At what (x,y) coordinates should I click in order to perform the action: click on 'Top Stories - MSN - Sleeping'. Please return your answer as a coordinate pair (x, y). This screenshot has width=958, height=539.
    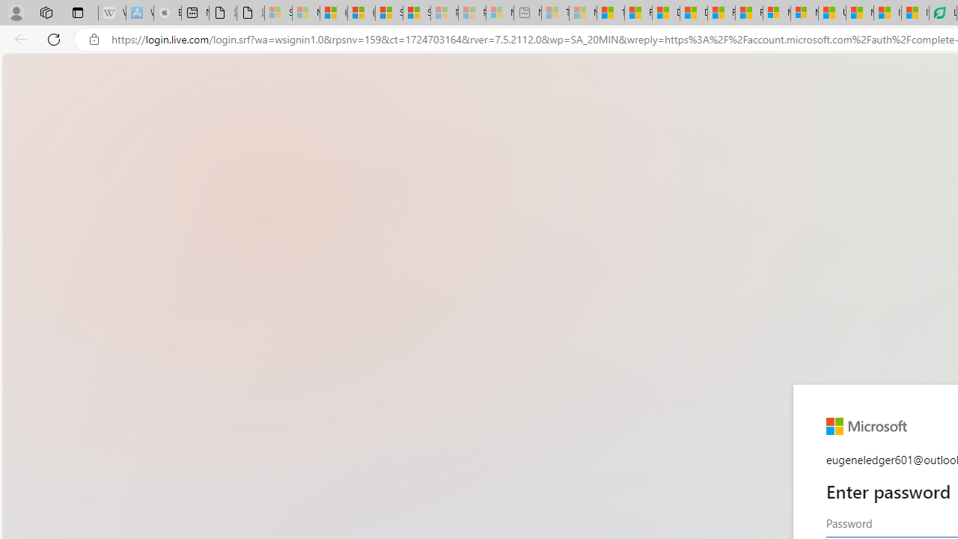
    Looking at the image, I should click on (555, 13).